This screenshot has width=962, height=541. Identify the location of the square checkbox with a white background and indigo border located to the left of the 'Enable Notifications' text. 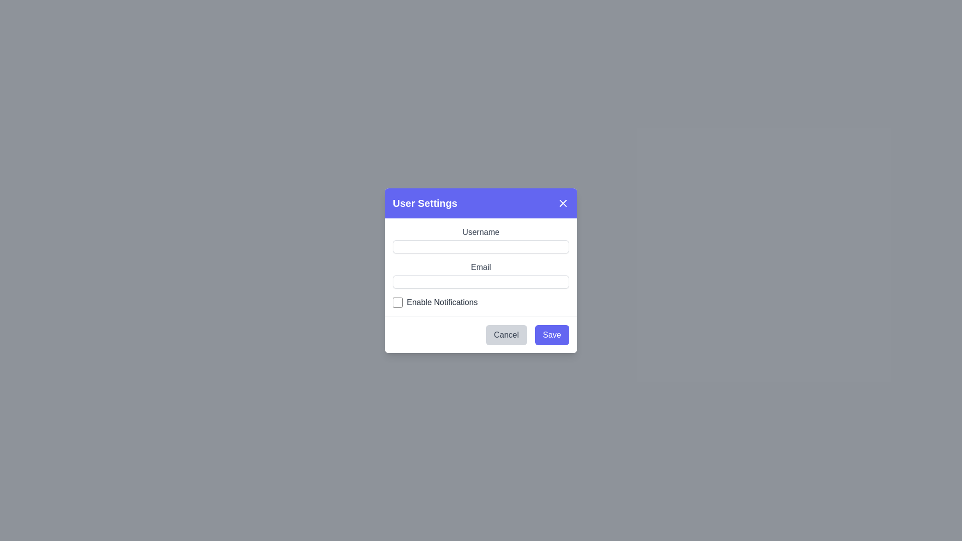
(397, 302).